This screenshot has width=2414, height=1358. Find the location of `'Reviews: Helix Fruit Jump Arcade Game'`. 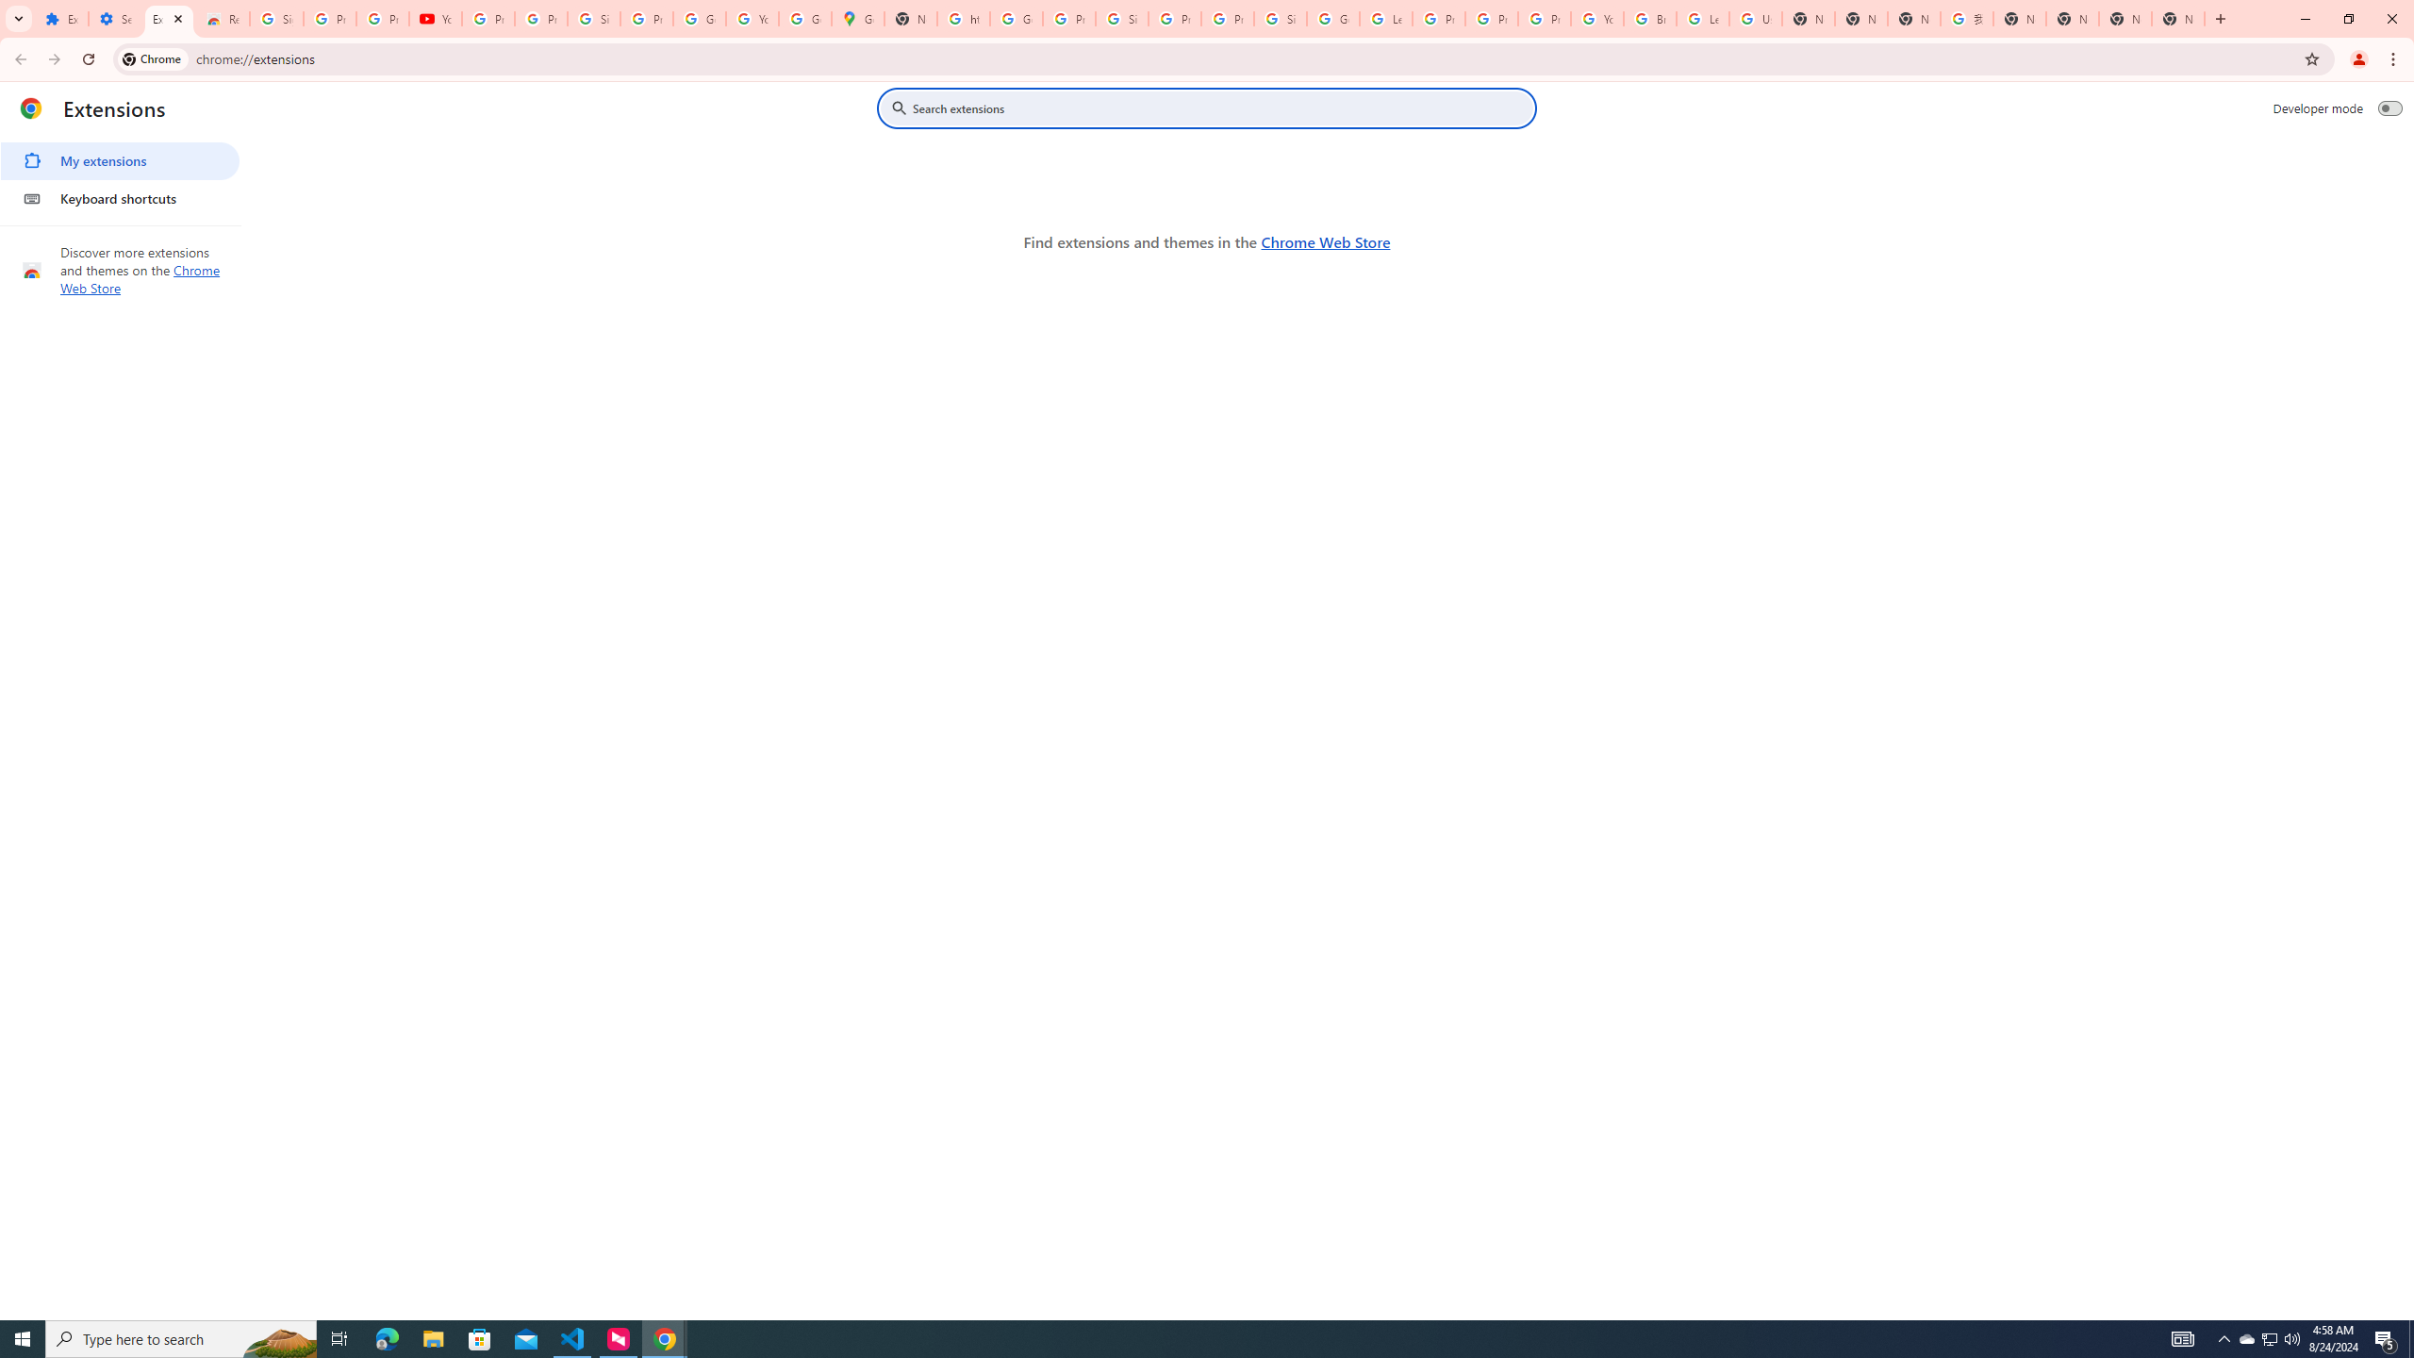

'Reviews: Helix Fruit Jump Arcade Game' is located at coordinates (223, 18).